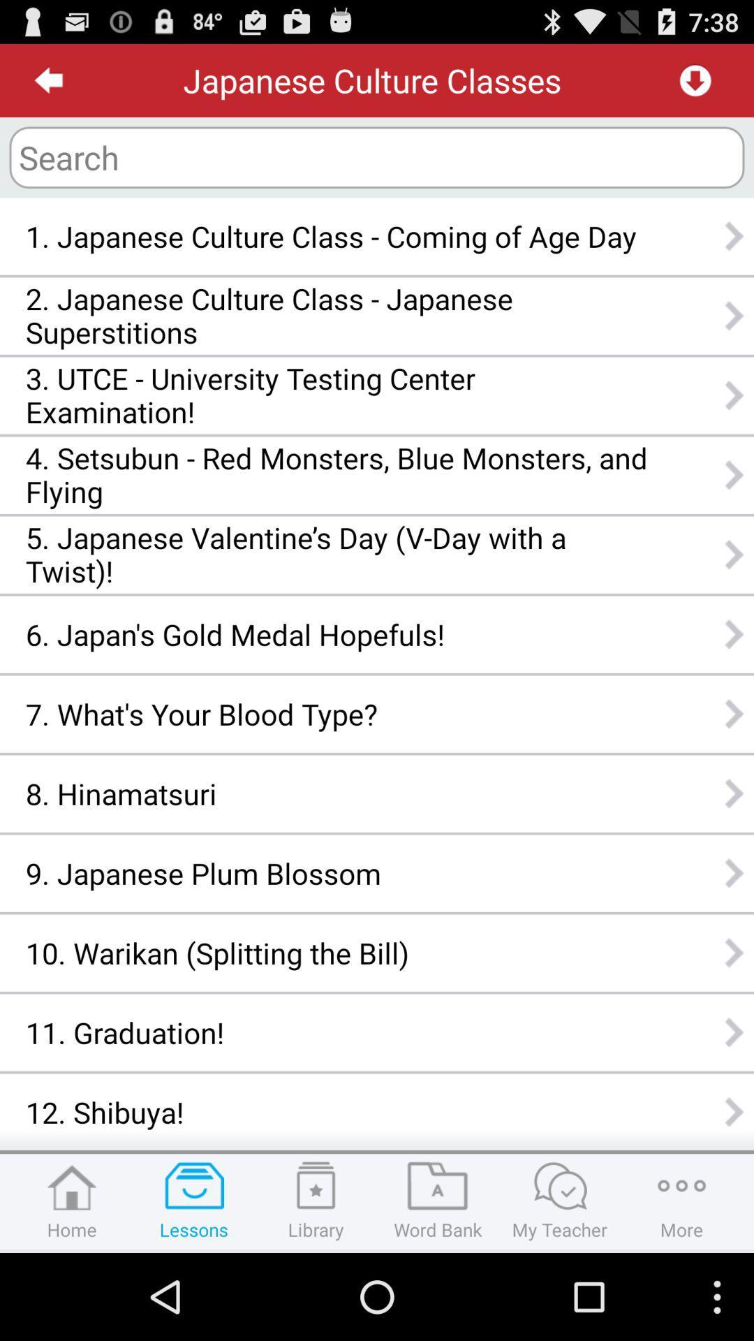 The image size is (754, 1341). Describe the element at coordinates (337, 1111) in the screenshot. I see `the app below 11. graduation!` at that location.